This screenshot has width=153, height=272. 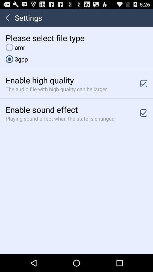 What do you see at coordinates (144, 83) in the screenshot?
I see `the item next to the the audio file app` at bounding box center [144, 83].